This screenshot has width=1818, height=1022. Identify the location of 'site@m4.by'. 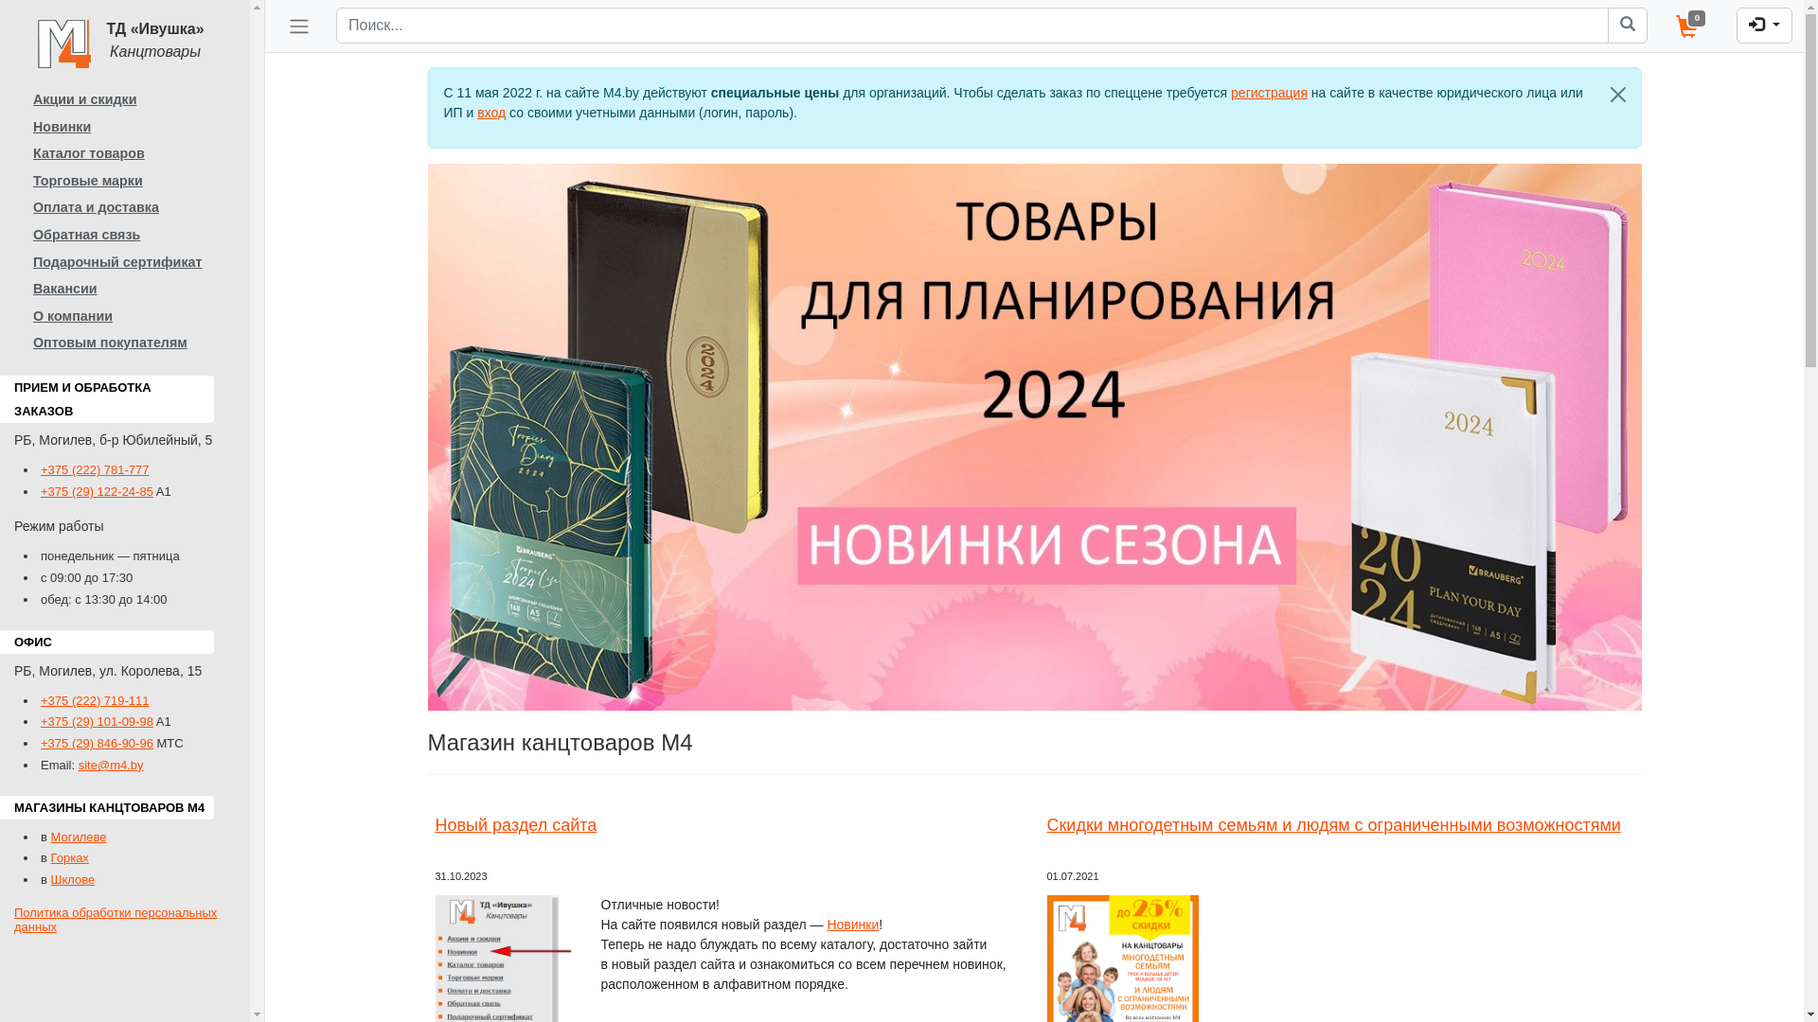
(110, 764).